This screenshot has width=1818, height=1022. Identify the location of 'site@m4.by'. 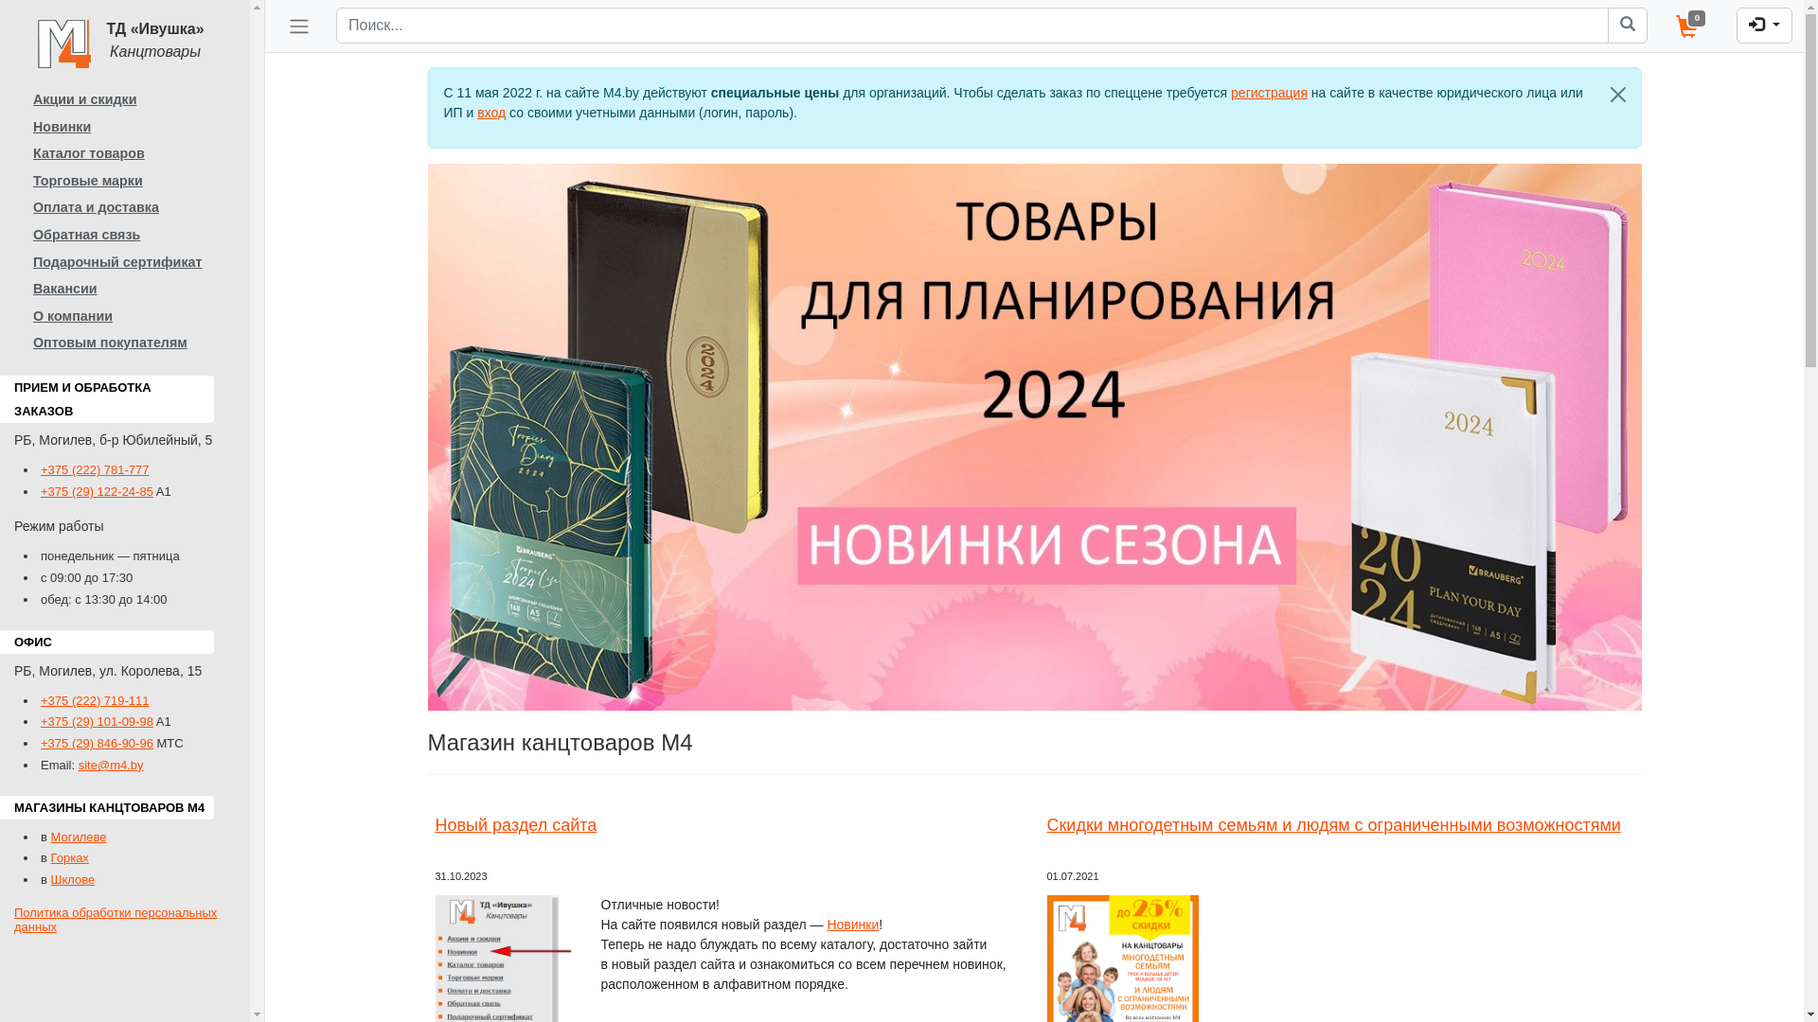
(110, 764).